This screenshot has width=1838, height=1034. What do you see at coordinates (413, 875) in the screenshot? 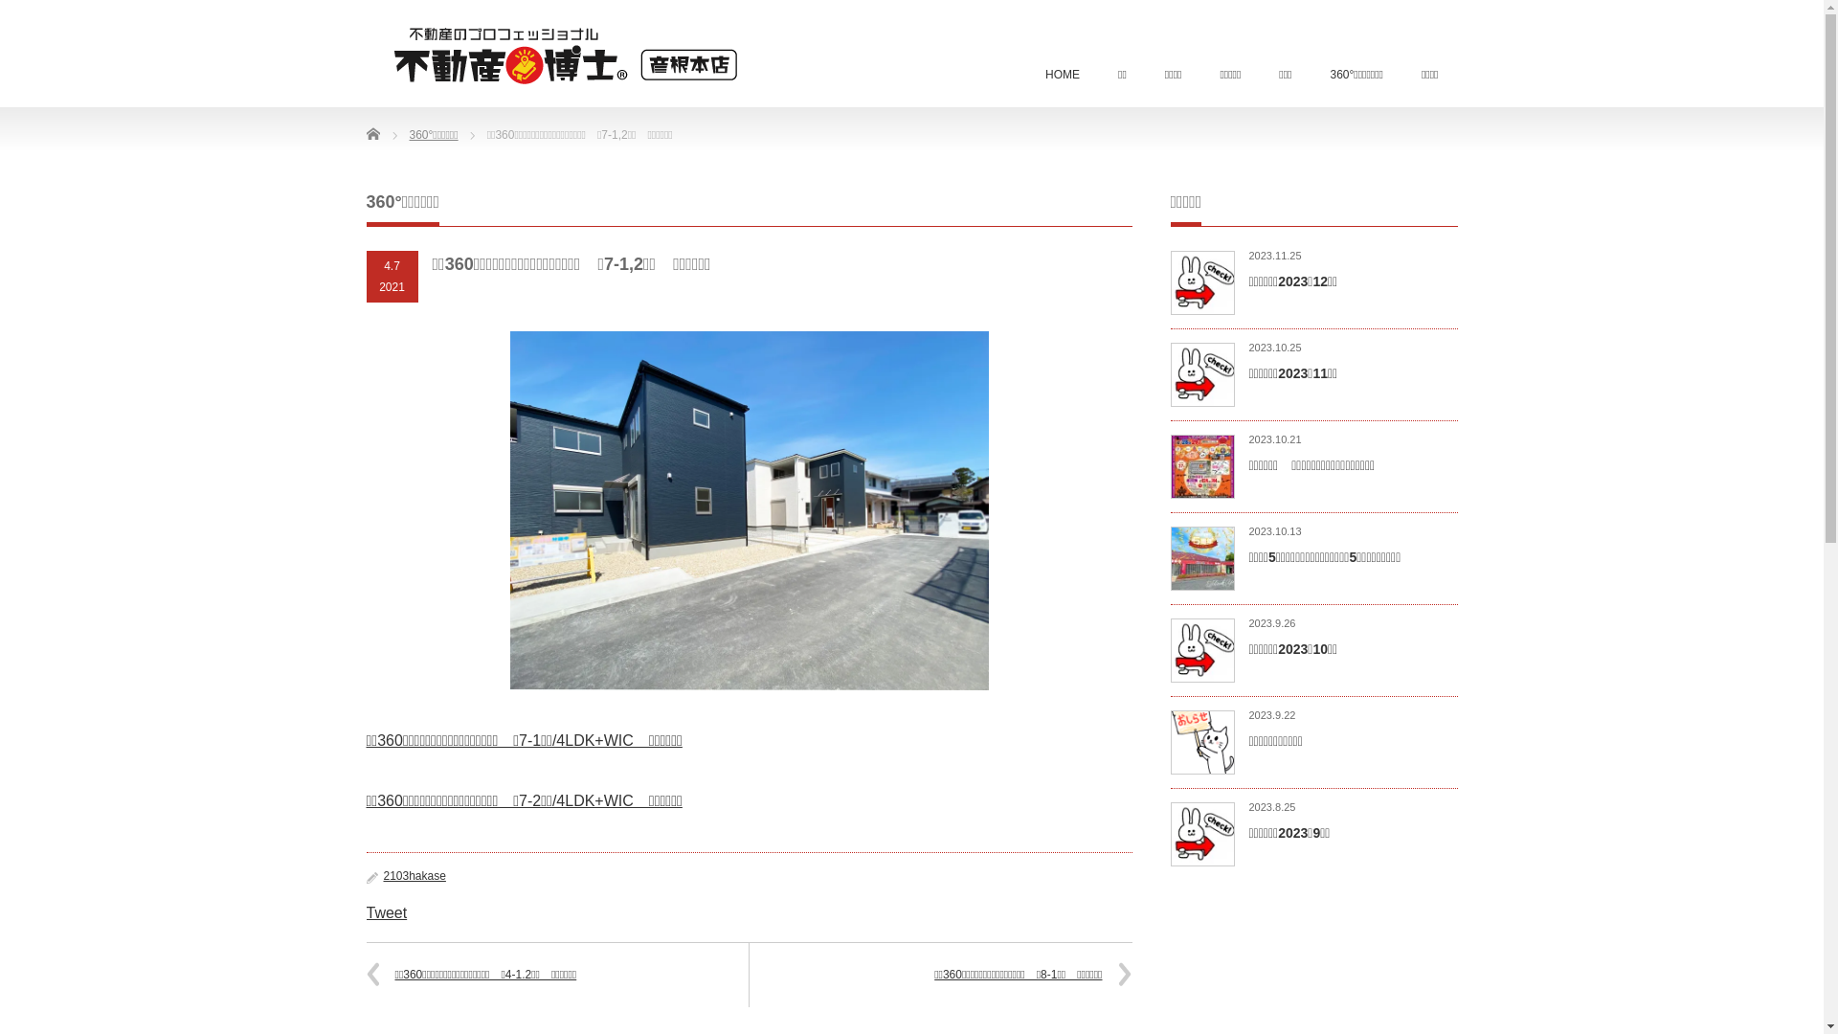
I see `'2103hakase'` at bounding box center [413, 875].